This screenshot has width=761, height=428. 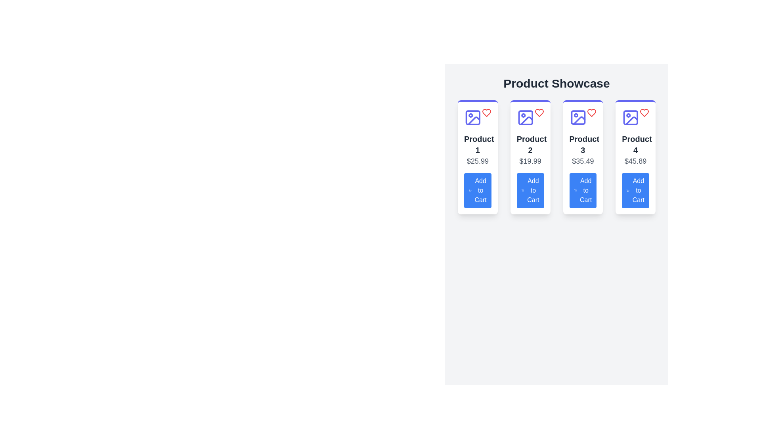 What do you see at coordinates (473, 118) in the screenshot?
I see `the decorative icon within the first product card of the 'Product Showcase' layout` at bounding box center [473, 118].